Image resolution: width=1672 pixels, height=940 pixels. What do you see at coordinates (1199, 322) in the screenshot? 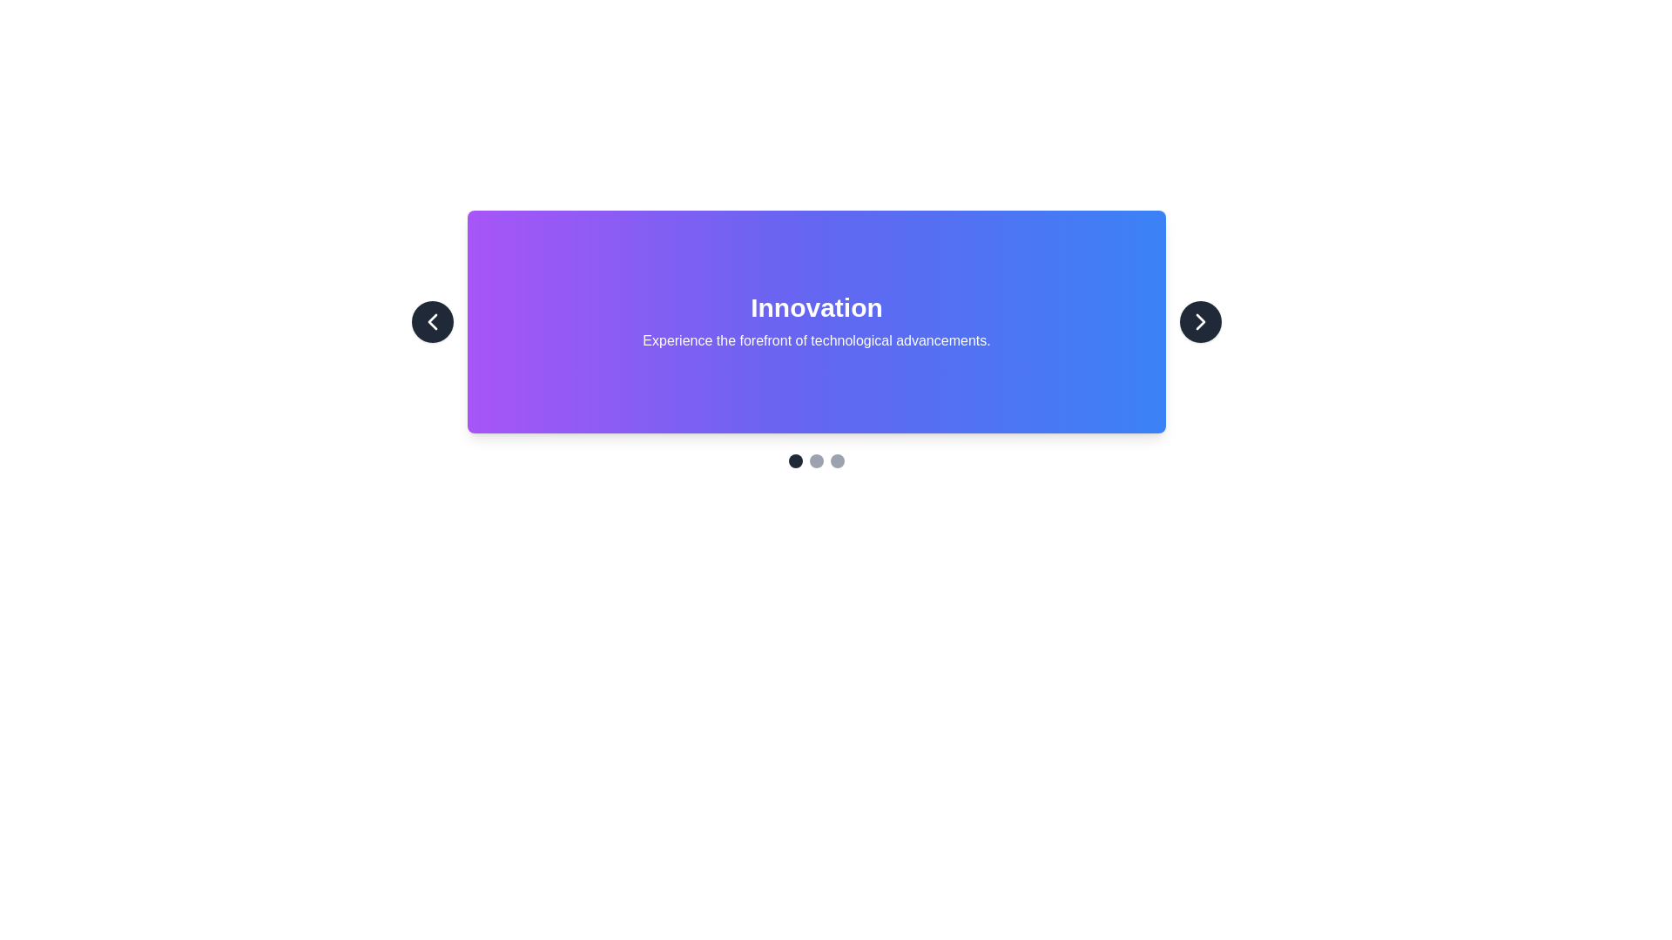
I see `the second button located on the right side of the content box labeled 'Innovation Experience the forefront of technological advancements'` at bounding box center [1199, 322].